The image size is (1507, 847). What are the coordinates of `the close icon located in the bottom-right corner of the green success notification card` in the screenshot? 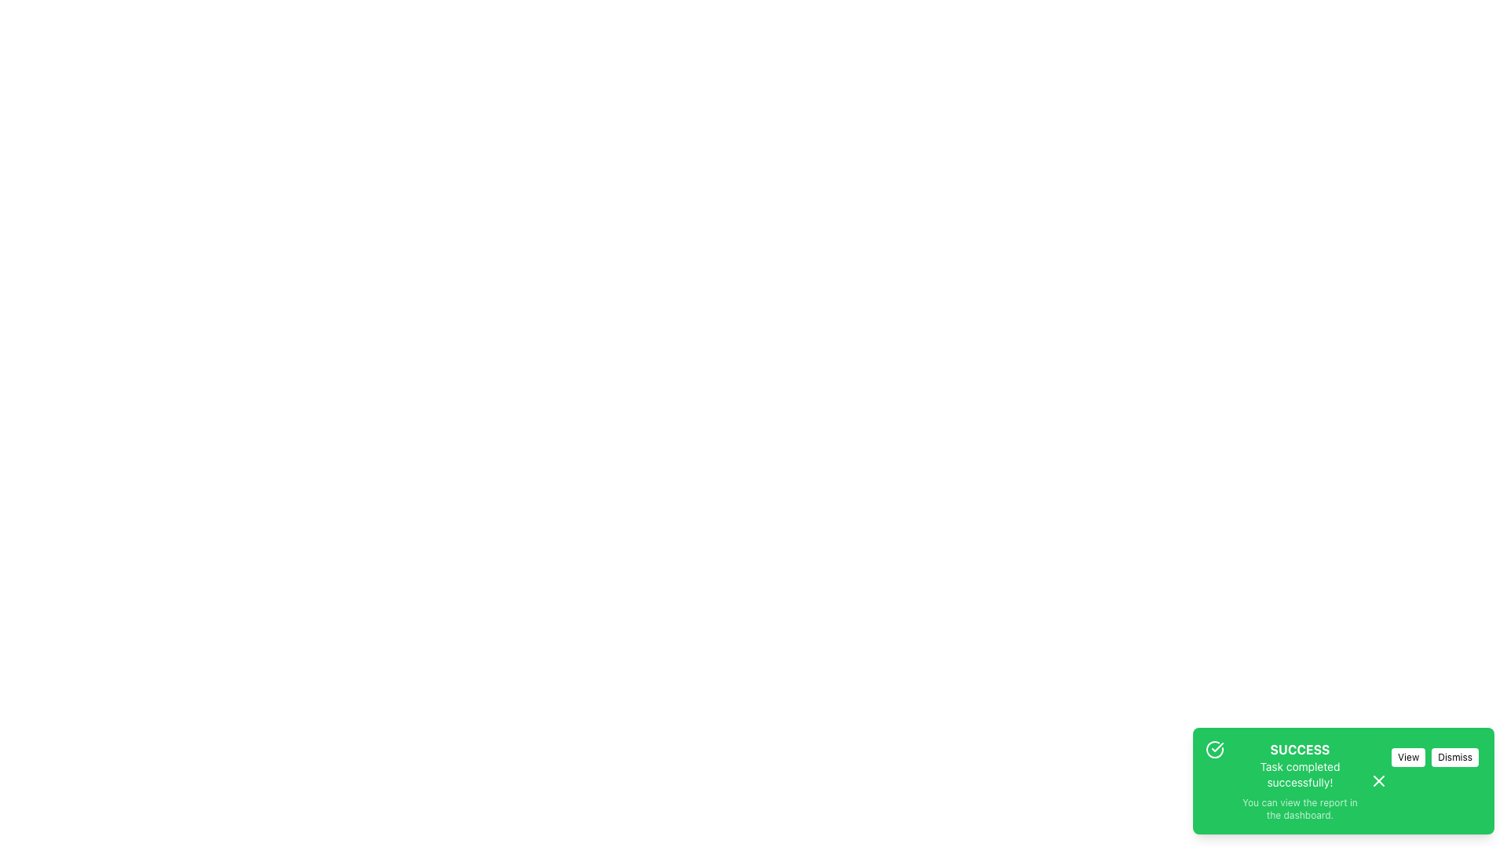 It's located at (1377, 780).